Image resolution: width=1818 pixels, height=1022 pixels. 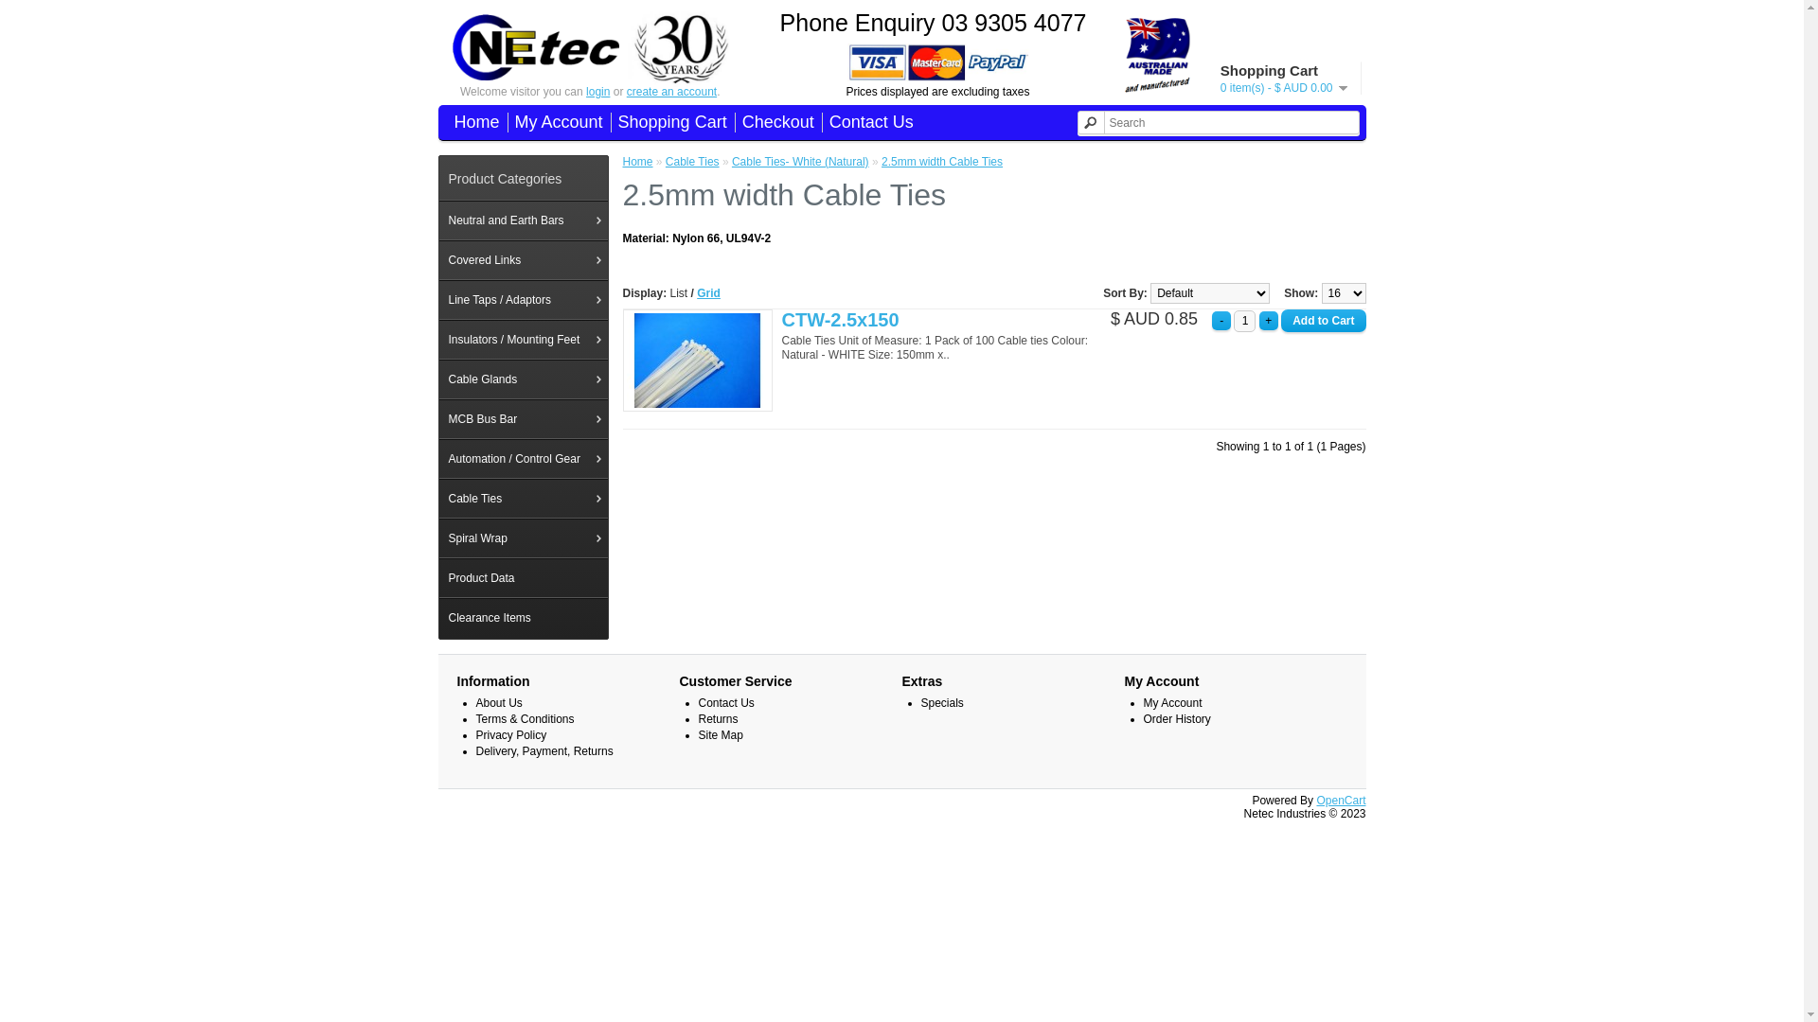 What do you see at coordinates (524, 718) in the screenshot?
I see `'Terms & Conditions'` at bounding box center [524, 718].